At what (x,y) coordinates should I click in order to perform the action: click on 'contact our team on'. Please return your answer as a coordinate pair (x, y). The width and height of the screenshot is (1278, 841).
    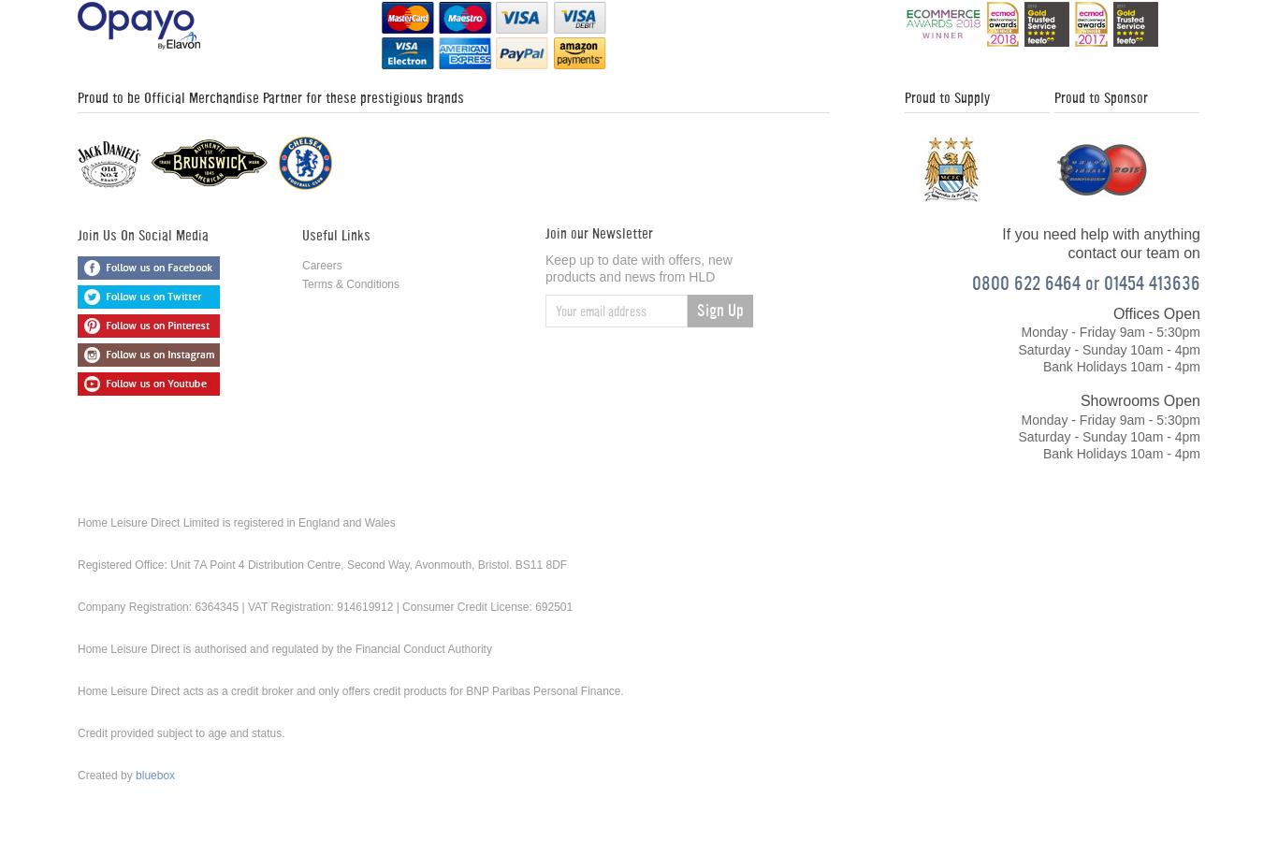
    Looking at the image, I should click on (1134, 253).